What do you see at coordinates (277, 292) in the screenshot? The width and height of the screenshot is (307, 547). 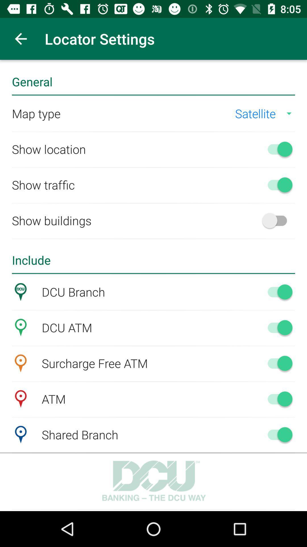 I see `options` at bounding box center [277, 292].